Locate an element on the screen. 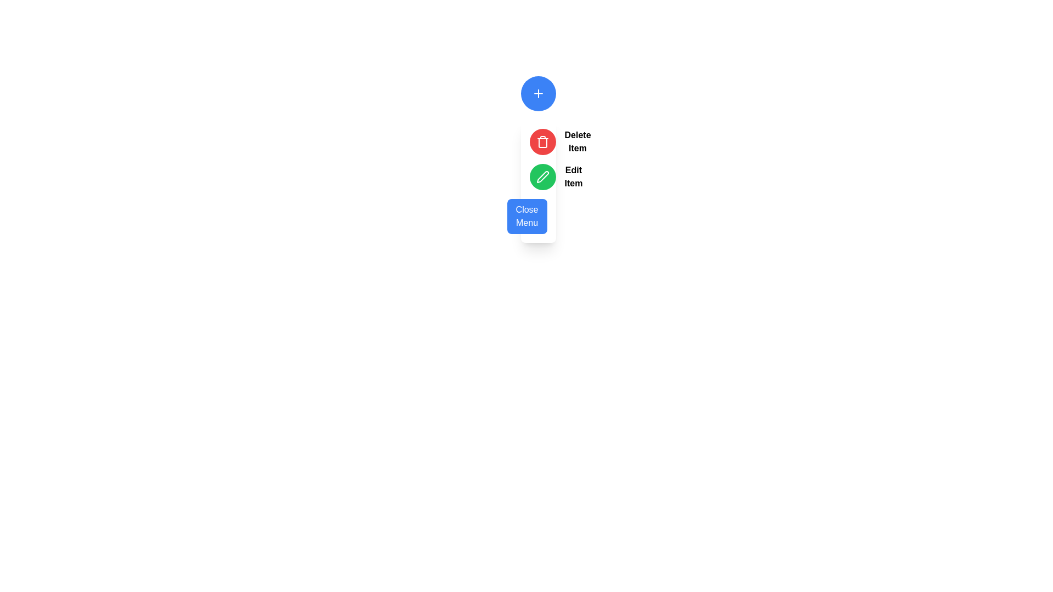 This screenshot has width=1053, height=592. the 'Edit Item' text label in the vertical menu, which is bold and positioned below the 'Delete Item' text is located at coordinates (573, 177).